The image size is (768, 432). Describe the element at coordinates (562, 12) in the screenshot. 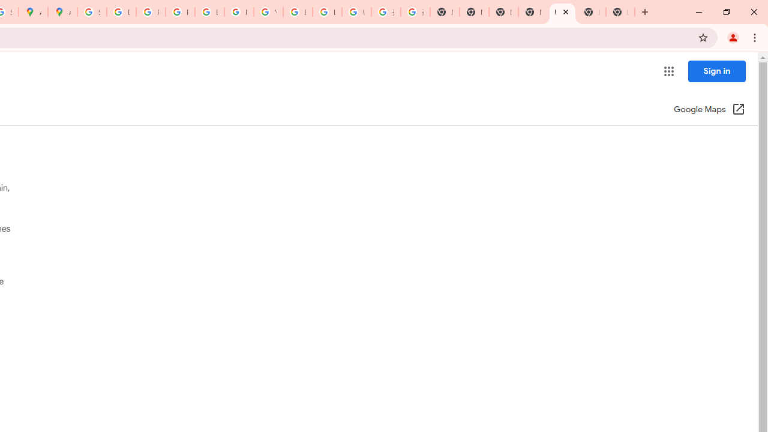

I see `'Use Google Maps in Space - Google Maps Help'` at that location.